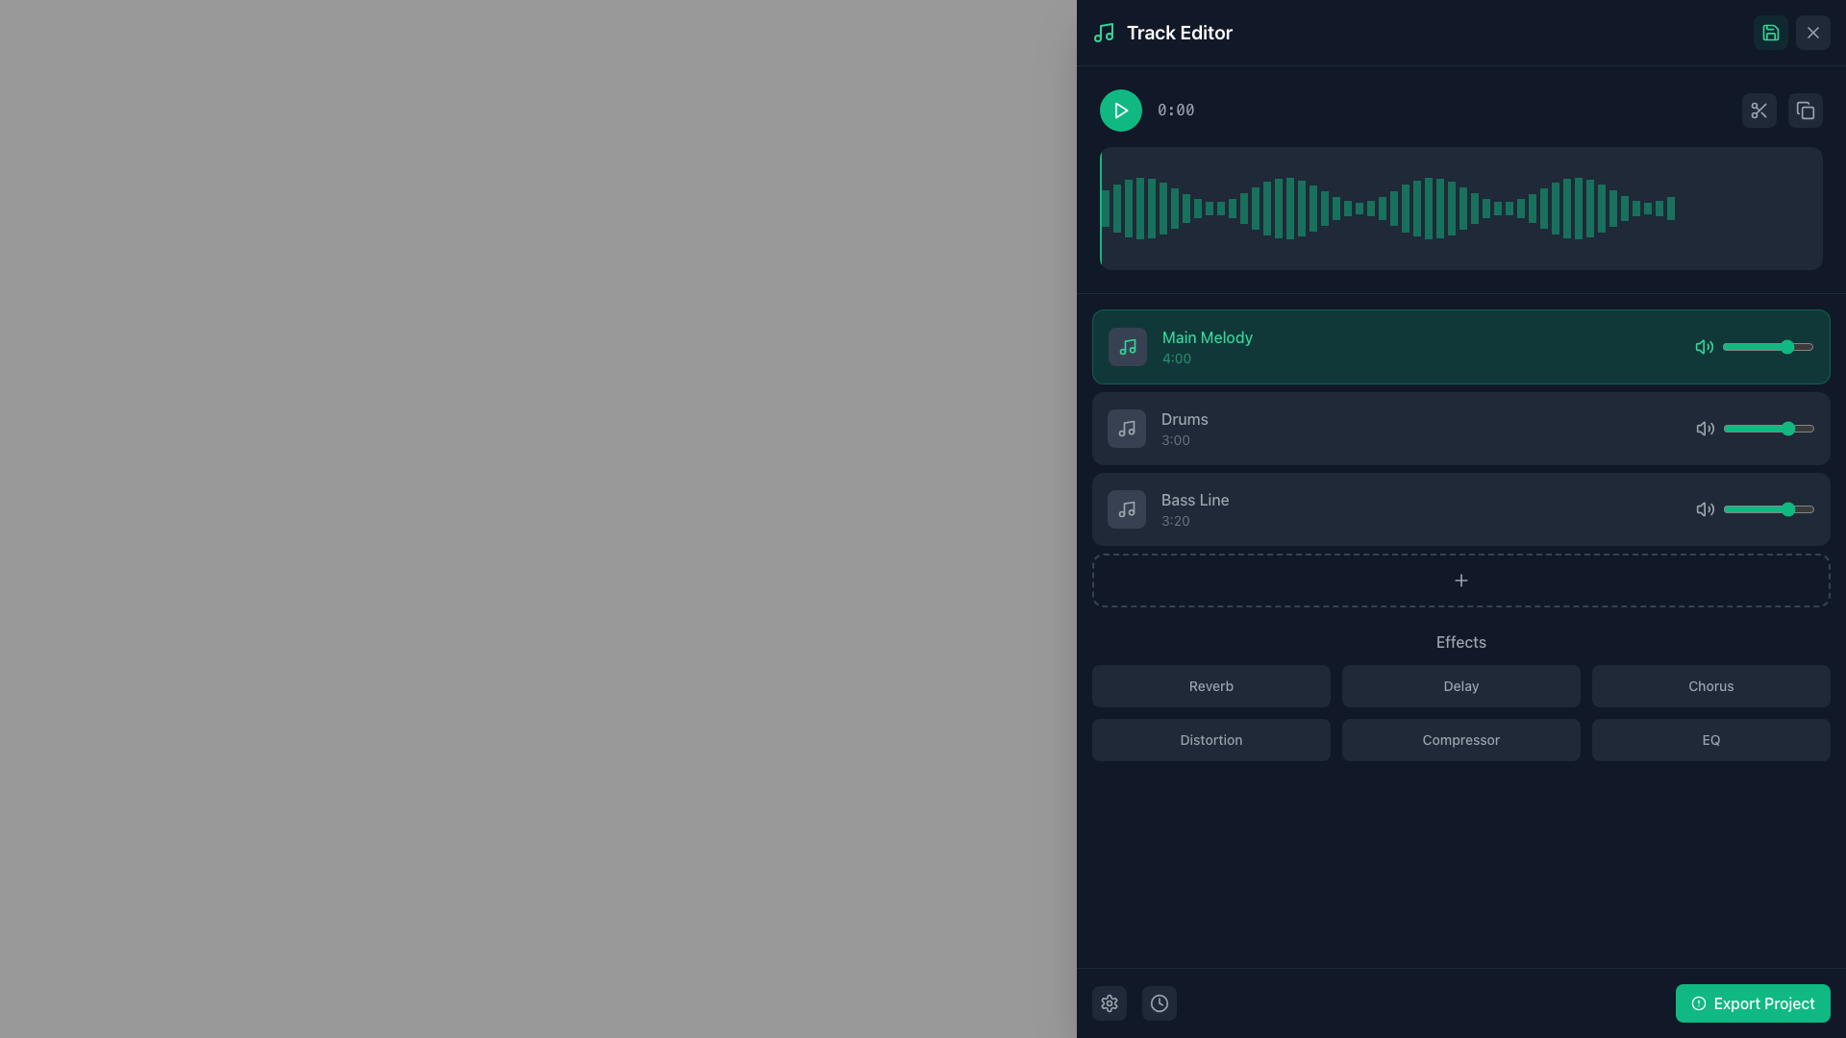 This screenshot has width=1846, height=1038. Describe the element at coordinates (1126, 428) in the screenshot. I see `the musical track icon labeled 'Drums' located in the list item on the left of the text content` at that location.